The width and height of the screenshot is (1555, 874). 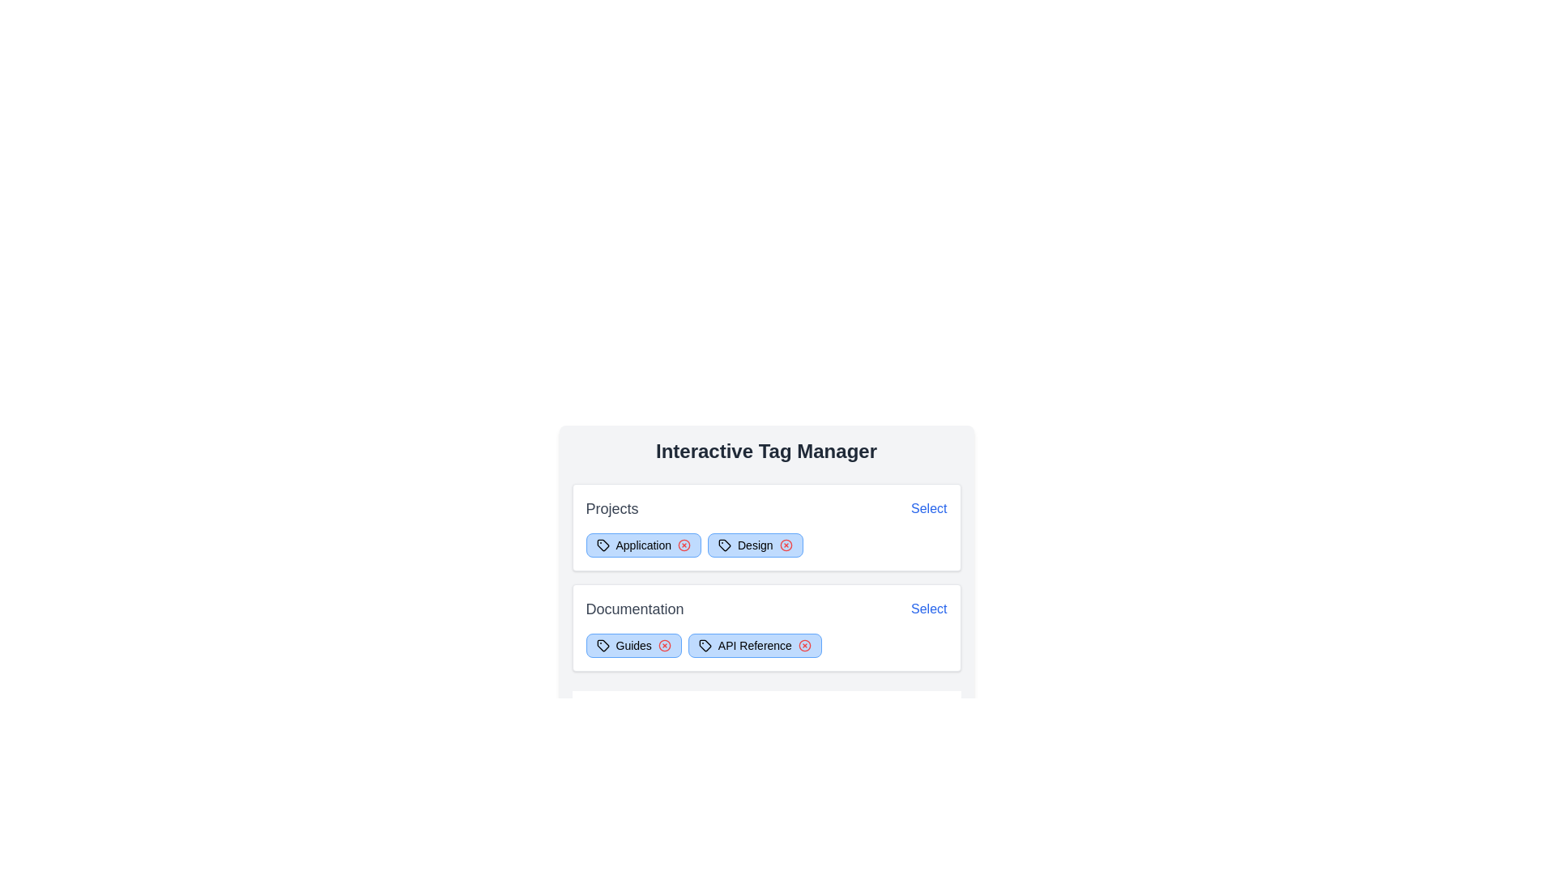 What do you see at coordinates (664, 645) in the screenshot?
I see `the close icon representing the functionality of removing the 'Guides' tag located in the 'Documentation' section of the interface` at bounding box center [664, 645].